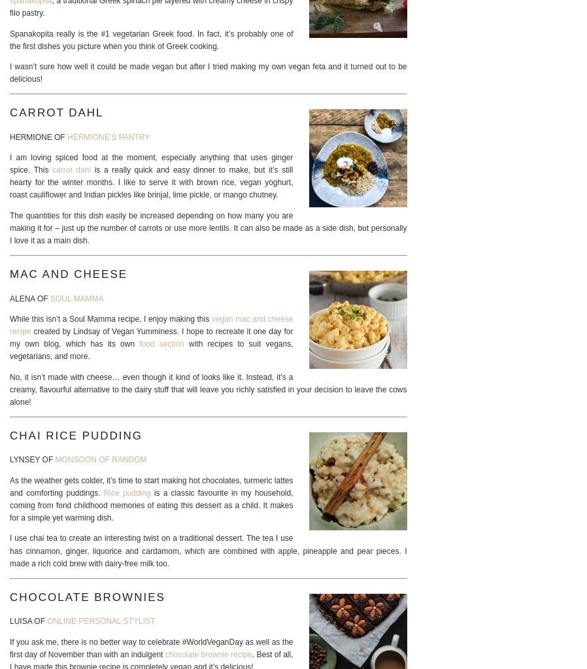 The width and height of the screenshot is (587, 669). What do you see at coordinates (8, 72) in the screenshot?
I see `'I wasn’t sure how well it could be made vegan but after I tried making my own vegan feta and it turned out to be delicious!'` at bounding box center [8, 72].